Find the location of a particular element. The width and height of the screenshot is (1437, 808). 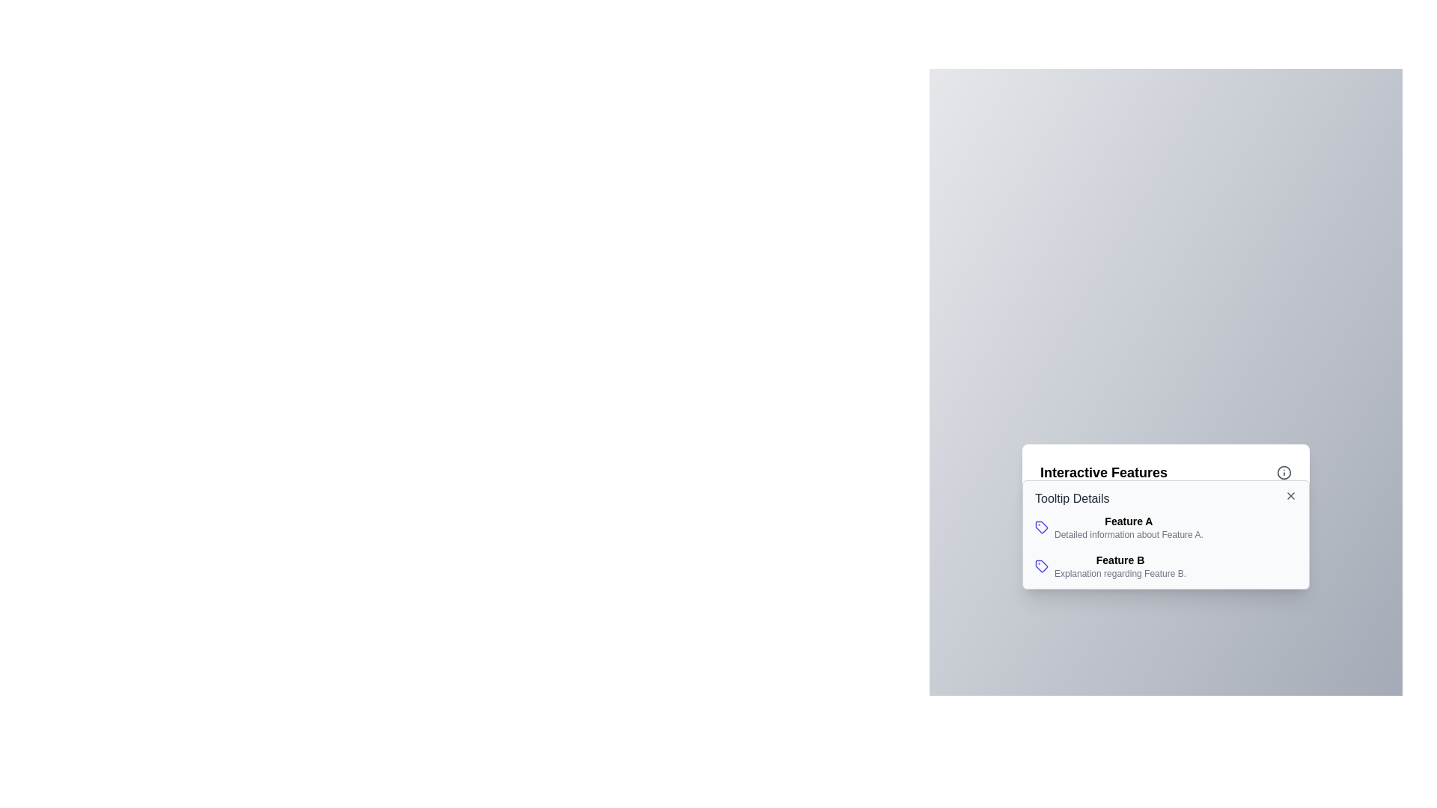

the Text display component that shows 'Feature A' in bold above 'Detailed information about Feature A.' is located at coordinates (1129, 527).